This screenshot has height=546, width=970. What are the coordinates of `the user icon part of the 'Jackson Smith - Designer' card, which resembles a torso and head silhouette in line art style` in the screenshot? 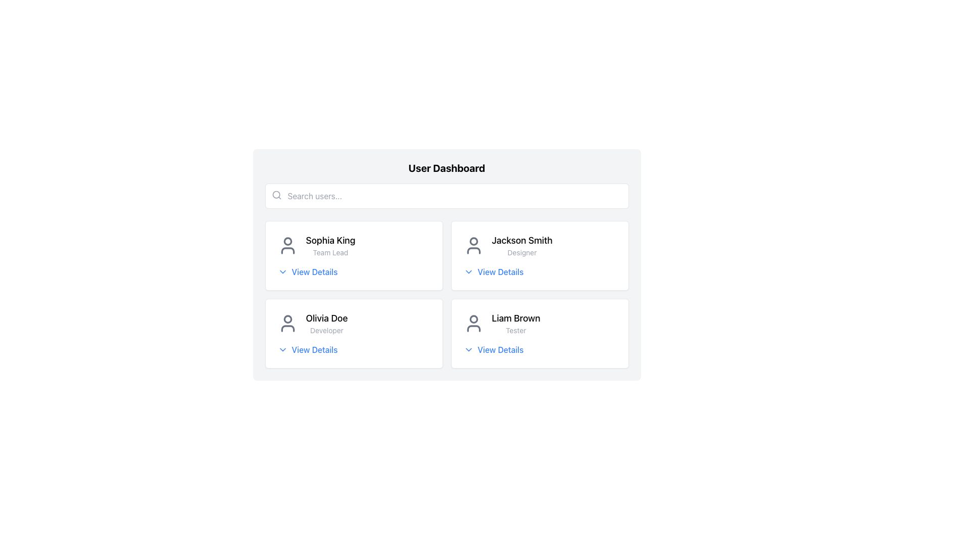 It's located at (473, 250).